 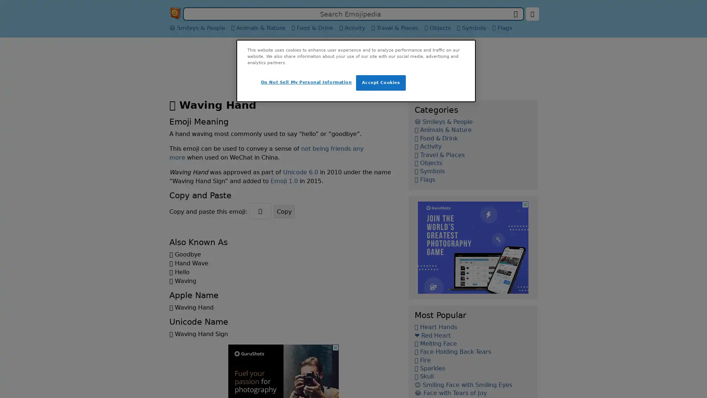 I want to click on Copy, so click(x=284, y=212).